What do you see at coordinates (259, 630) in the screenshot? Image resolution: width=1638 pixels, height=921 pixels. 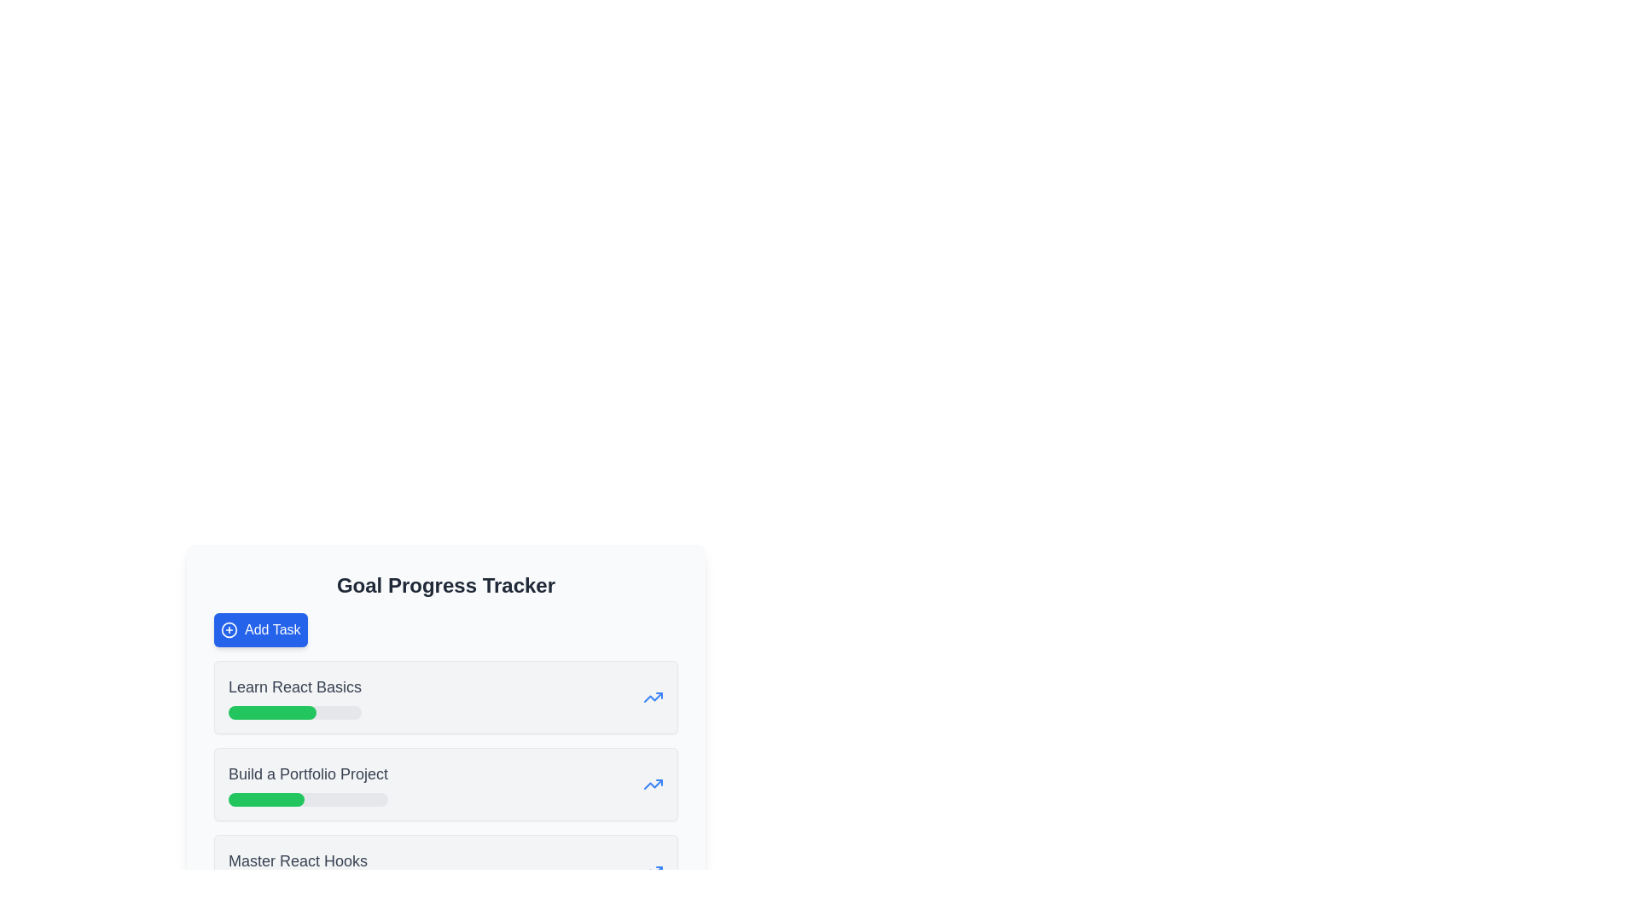 I see `the 'Add Task' button located in the top-left section of the 'Goal Progress Tracker' panel` at bounding box center [259, 630].